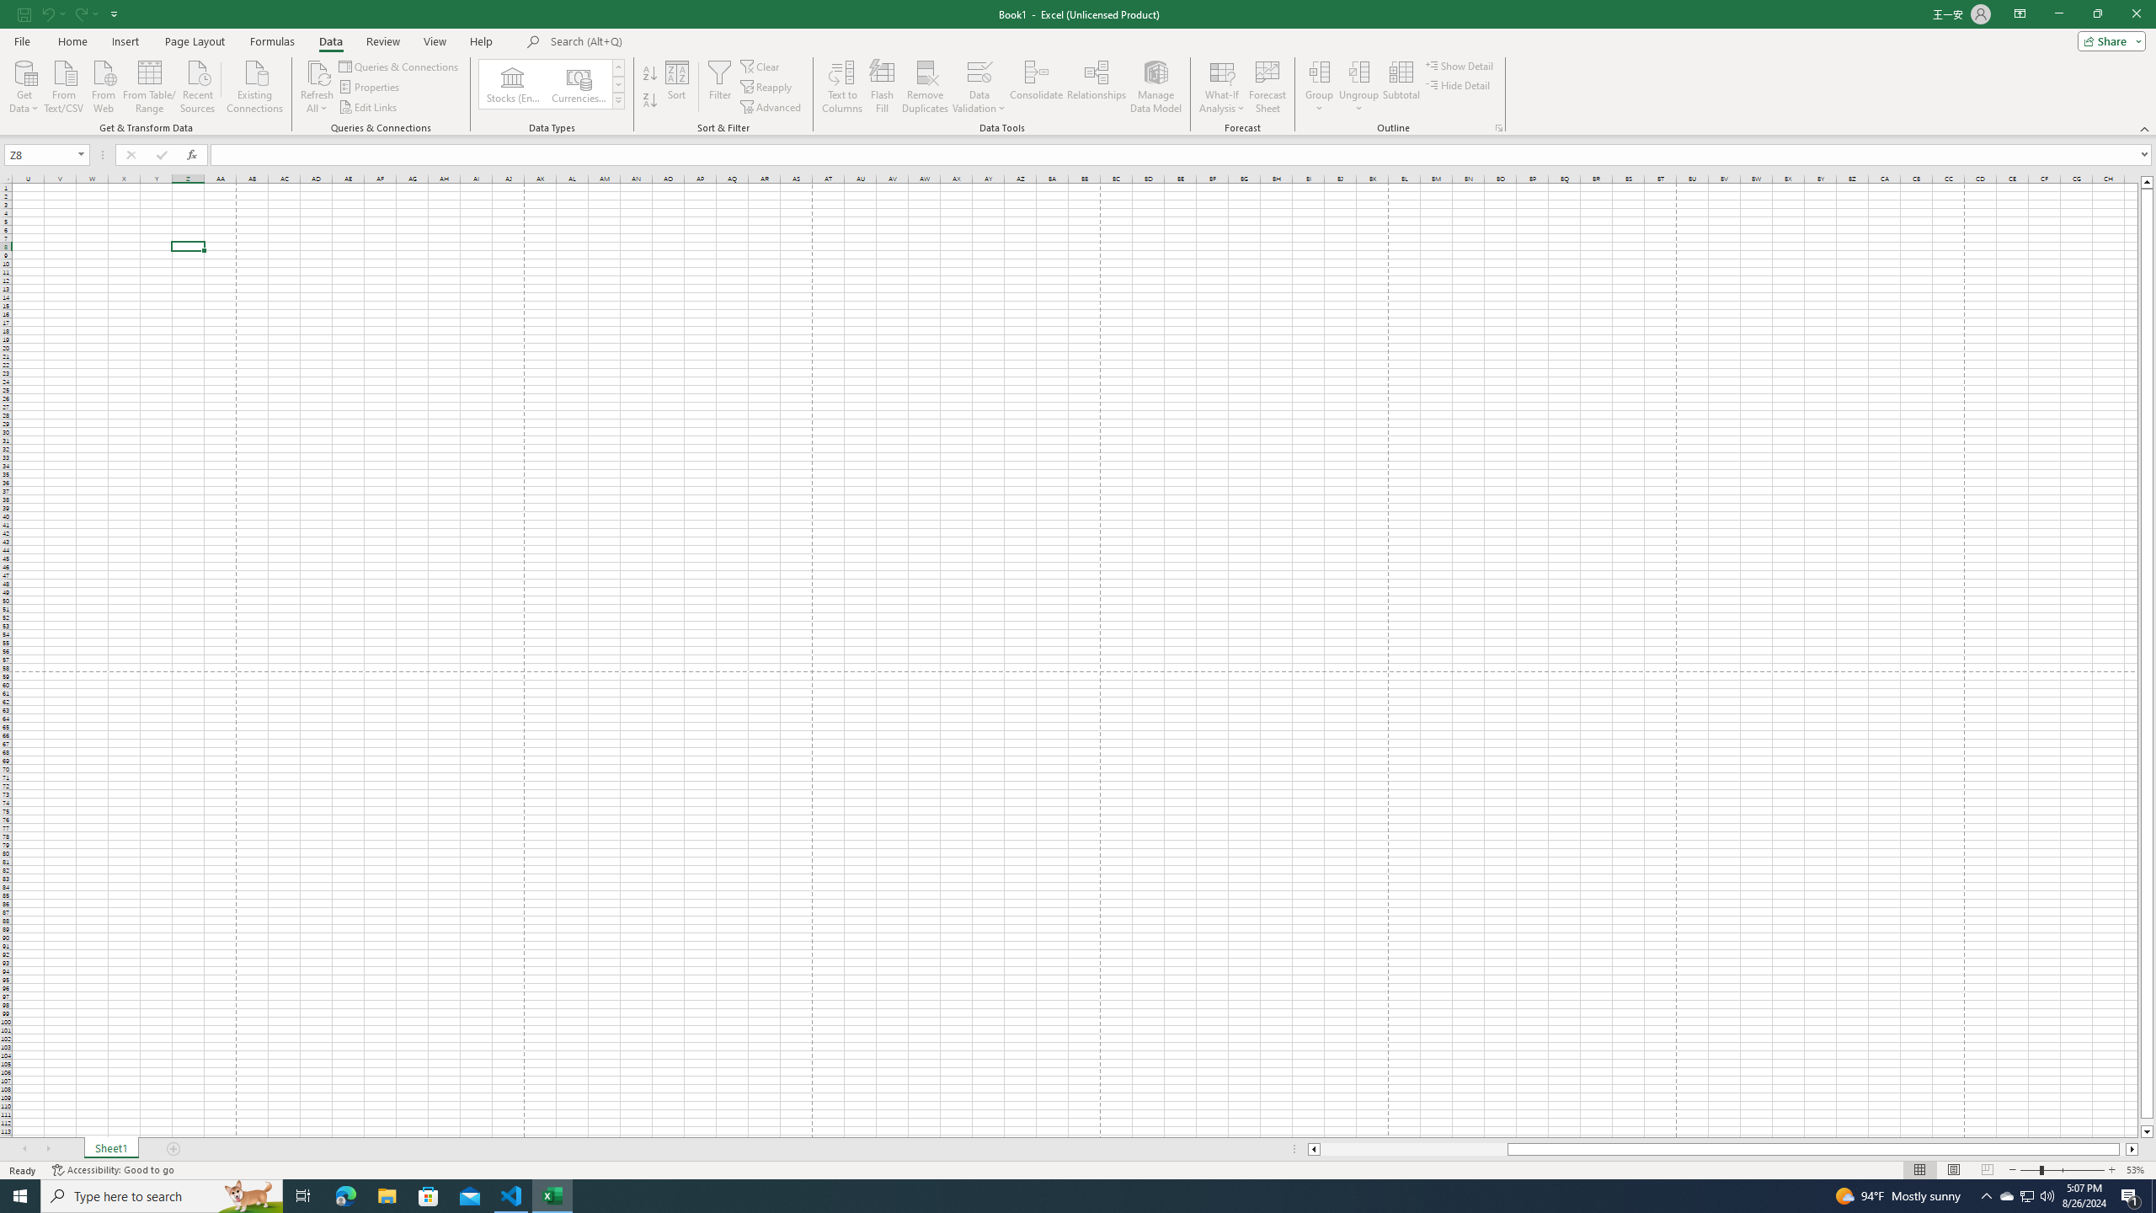 The image size is (2156, 1213). I want to click on 'Stocks (English)', so click(512, 83).